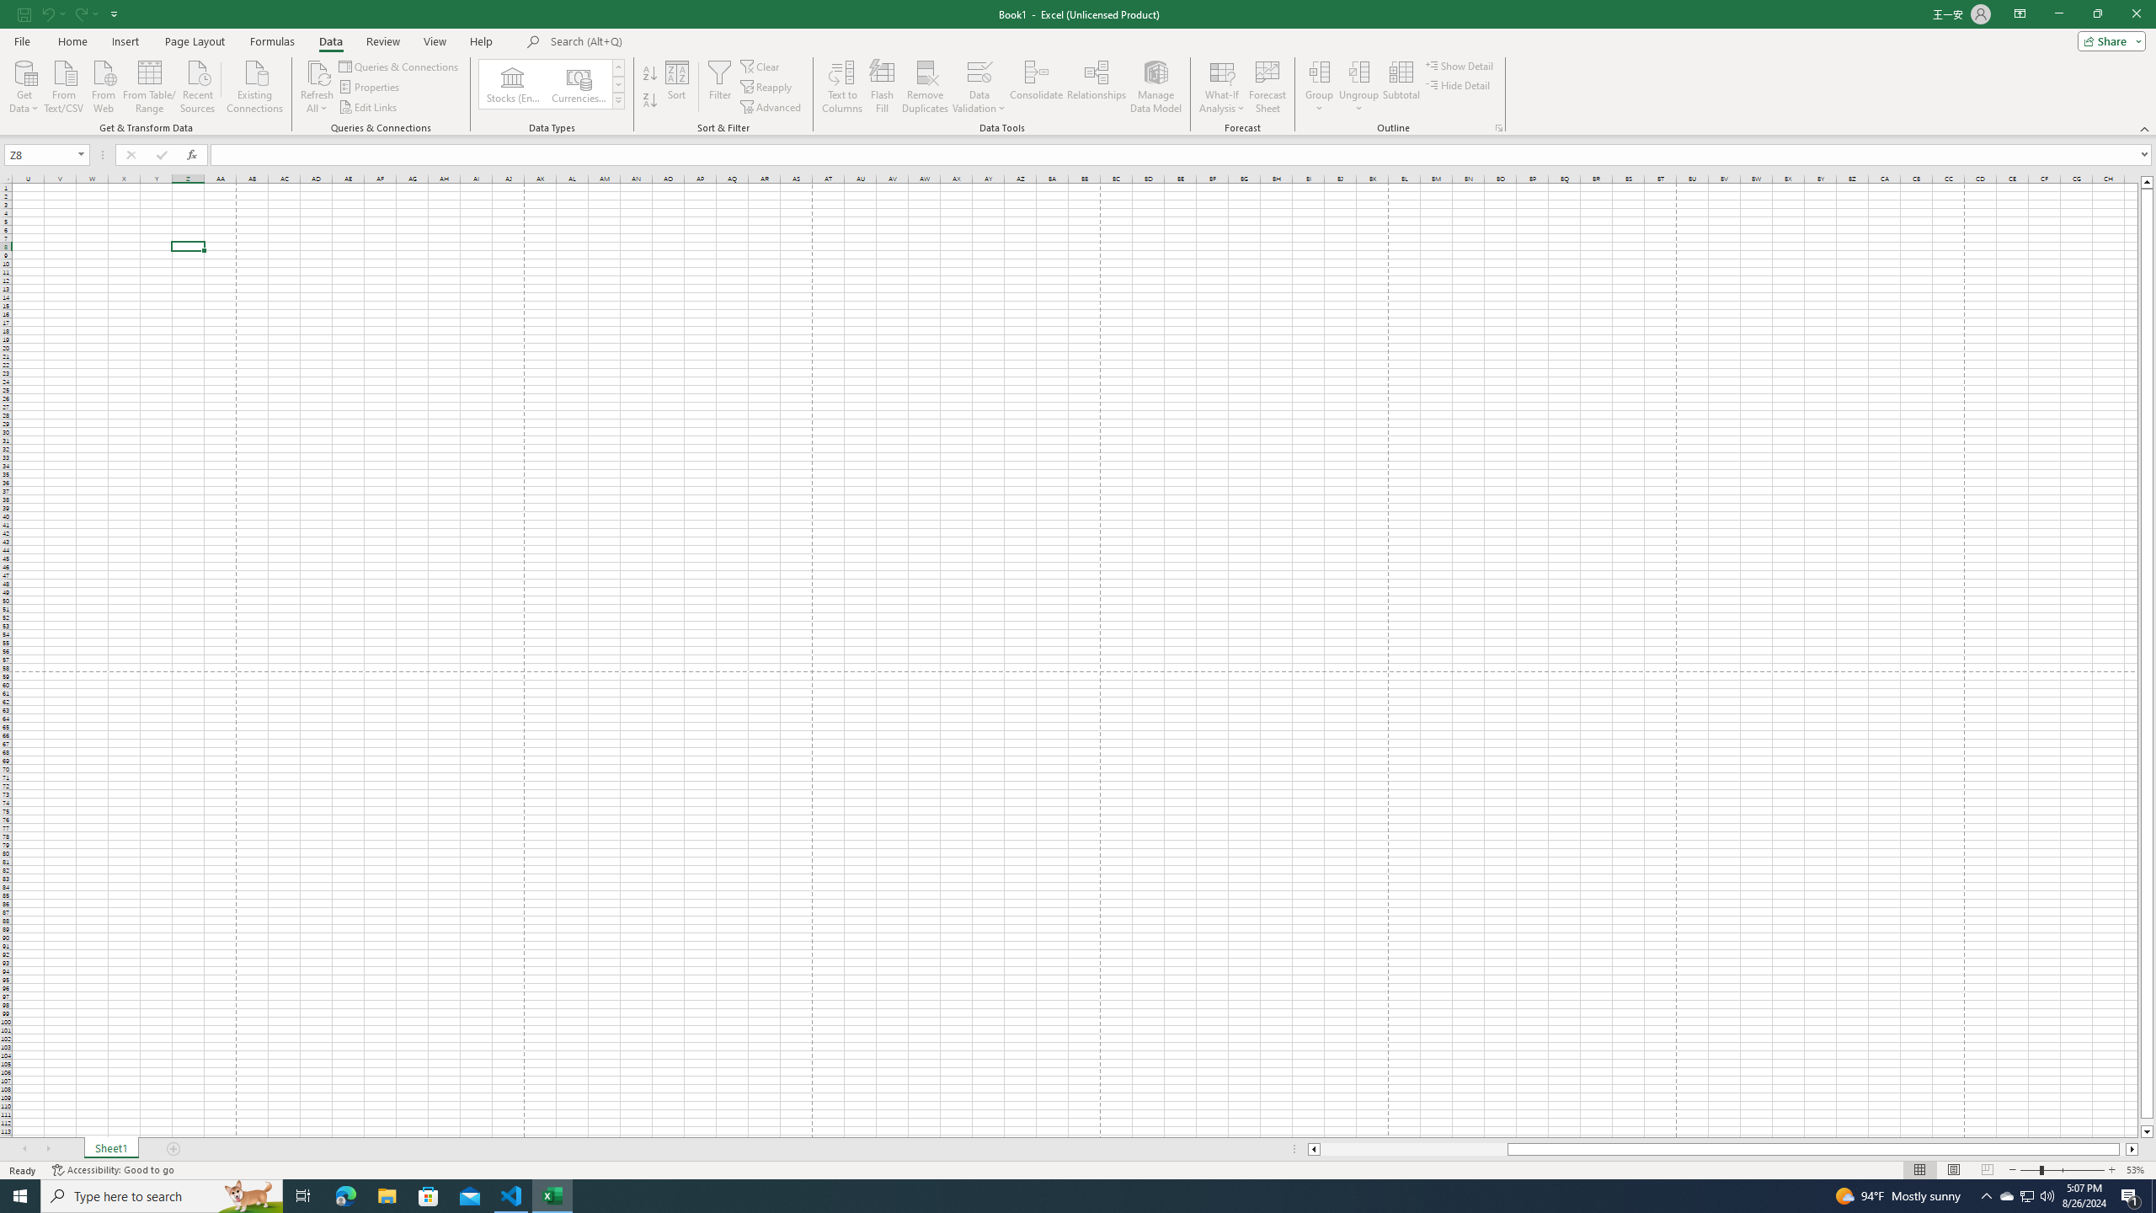 The image size is (2156, 1213). I want to click on 'Stocks (English)', so click(512, 83).